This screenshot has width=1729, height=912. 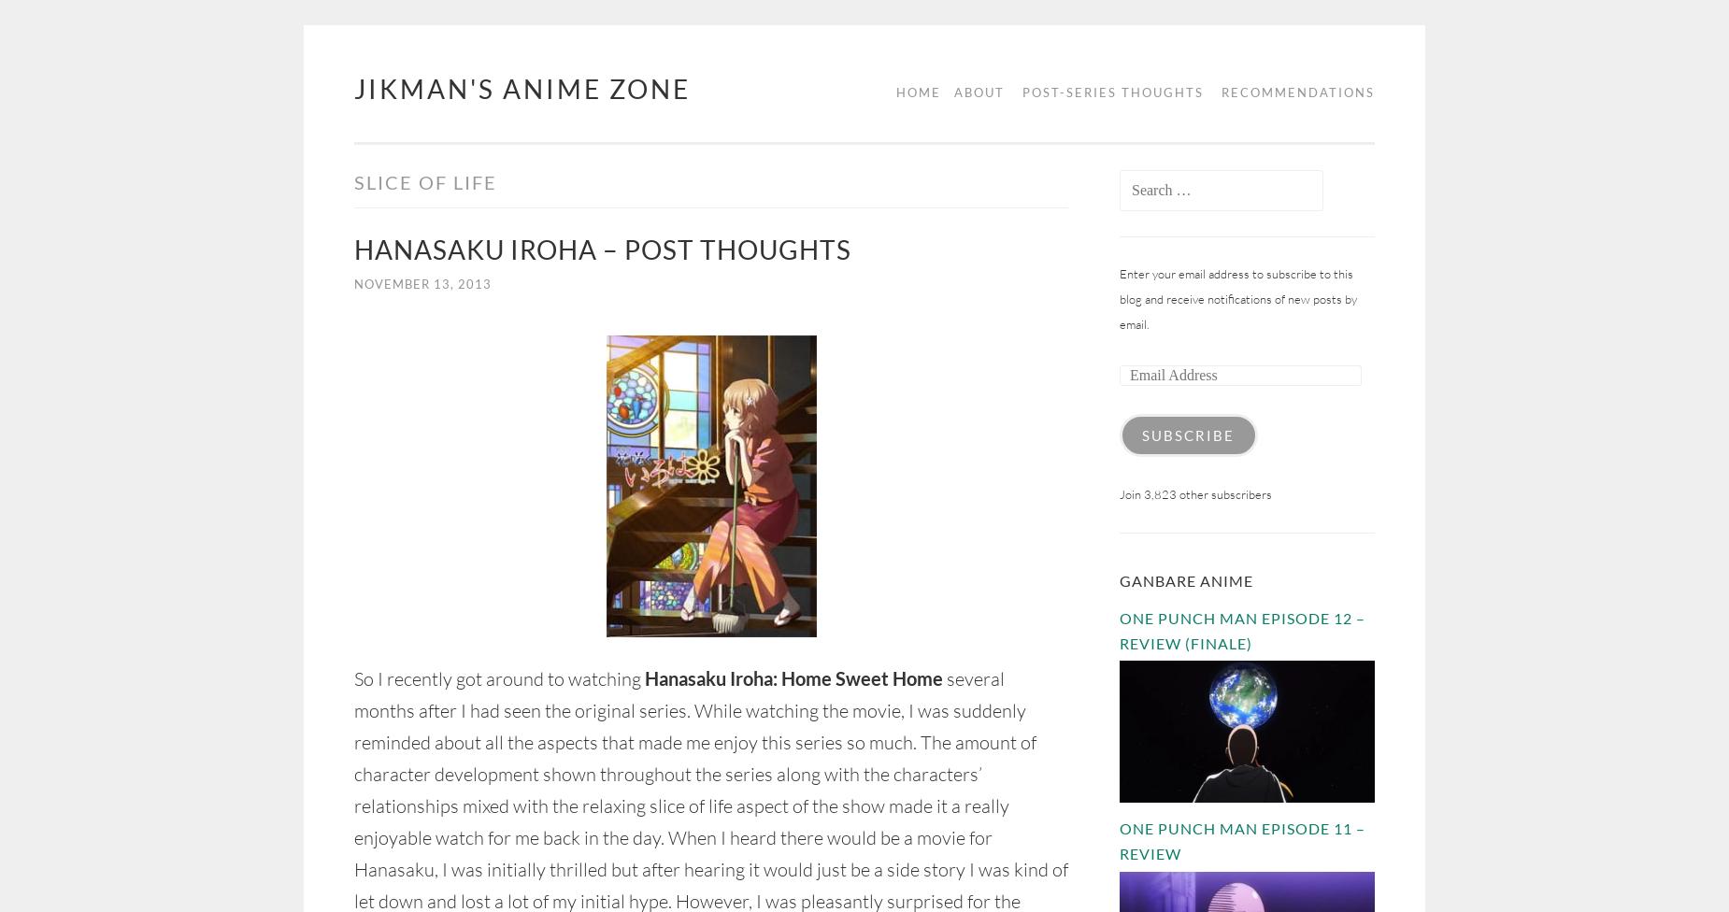 I want to click on 'Recommendations', so click(x=1297, y=92).